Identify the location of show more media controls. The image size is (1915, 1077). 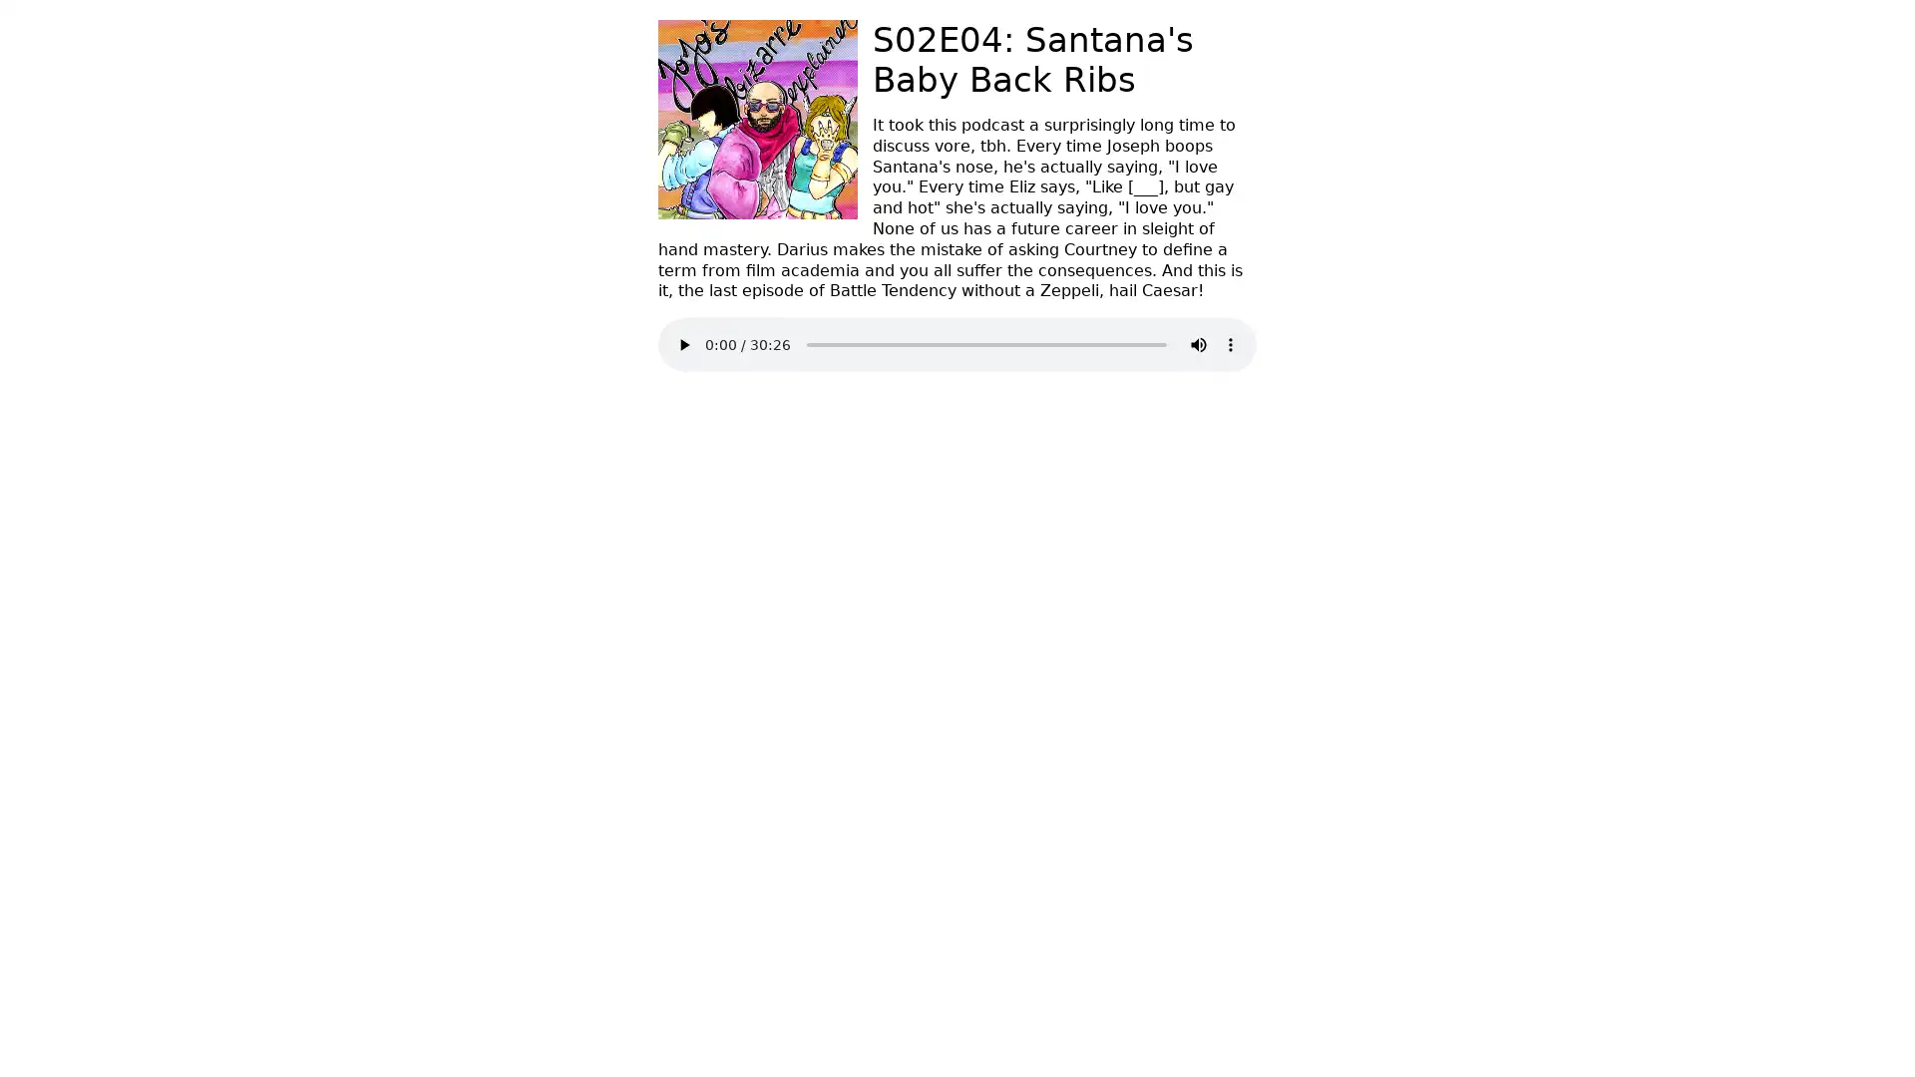
(1229, 344).